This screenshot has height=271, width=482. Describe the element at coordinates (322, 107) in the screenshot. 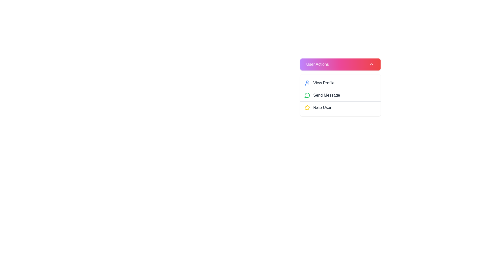

I see `the 'Rate User' text label in the dropdown menu titled 'User Actions', which is the third entry below 'View Profile' and 'Send Message', and aligned with a yellow star icon` at that location.